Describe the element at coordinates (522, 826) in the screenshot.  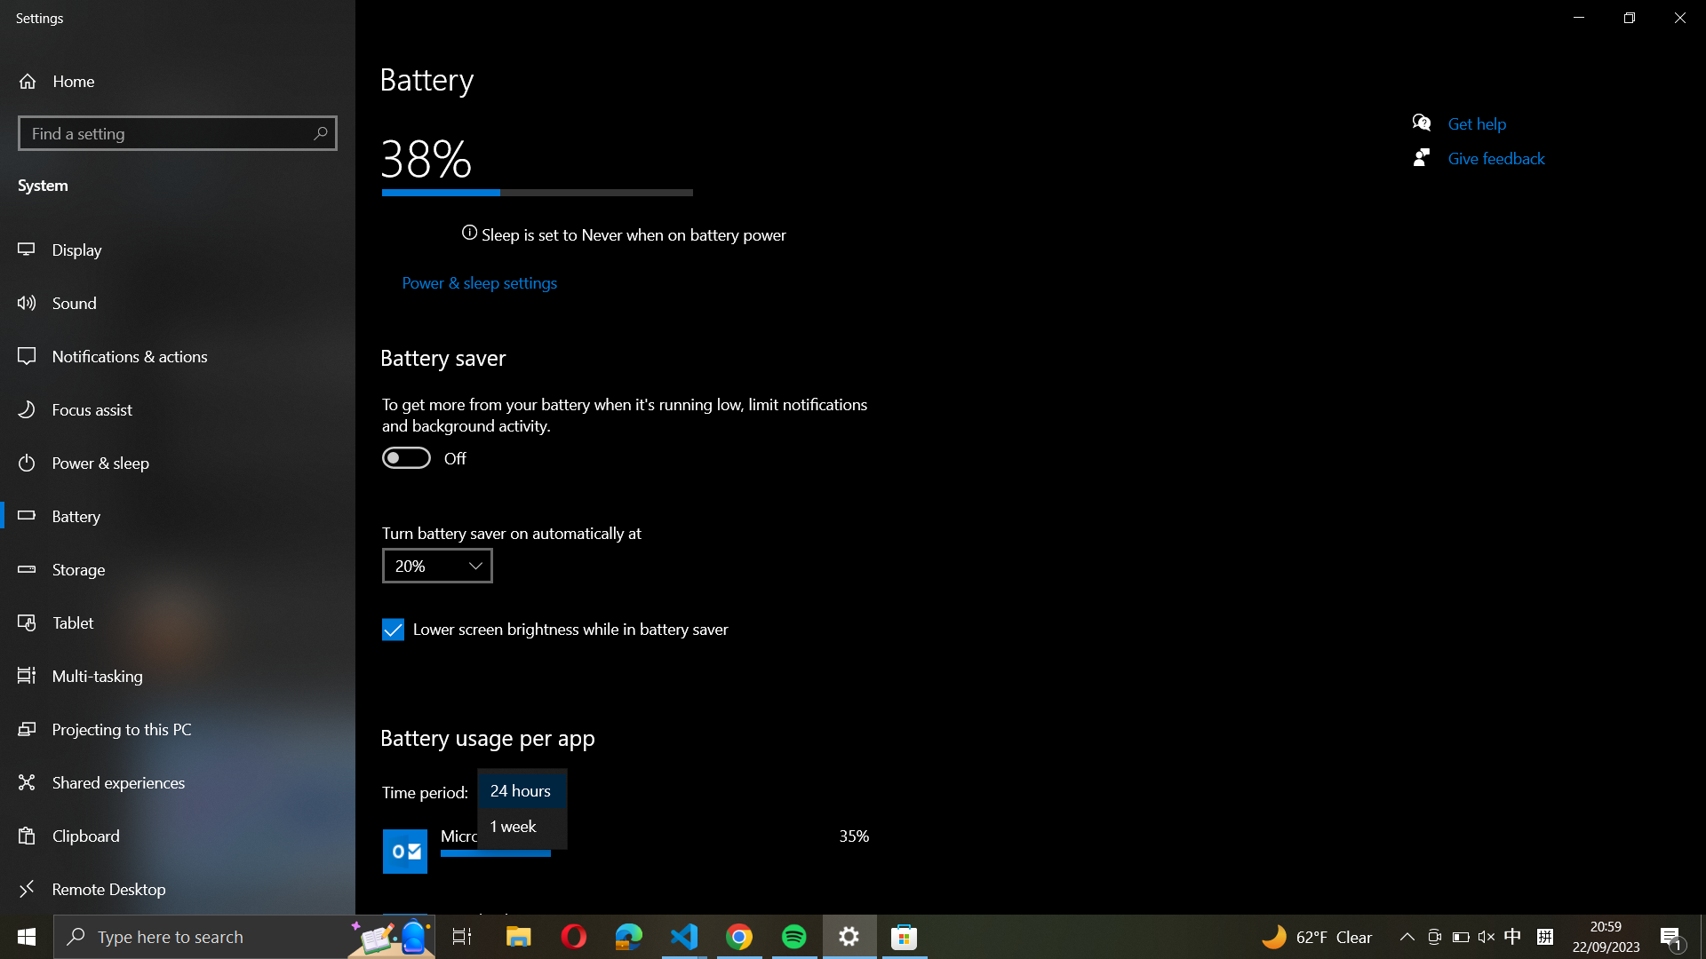
I see `the span of battery usage per app to be "1 week` at that location.